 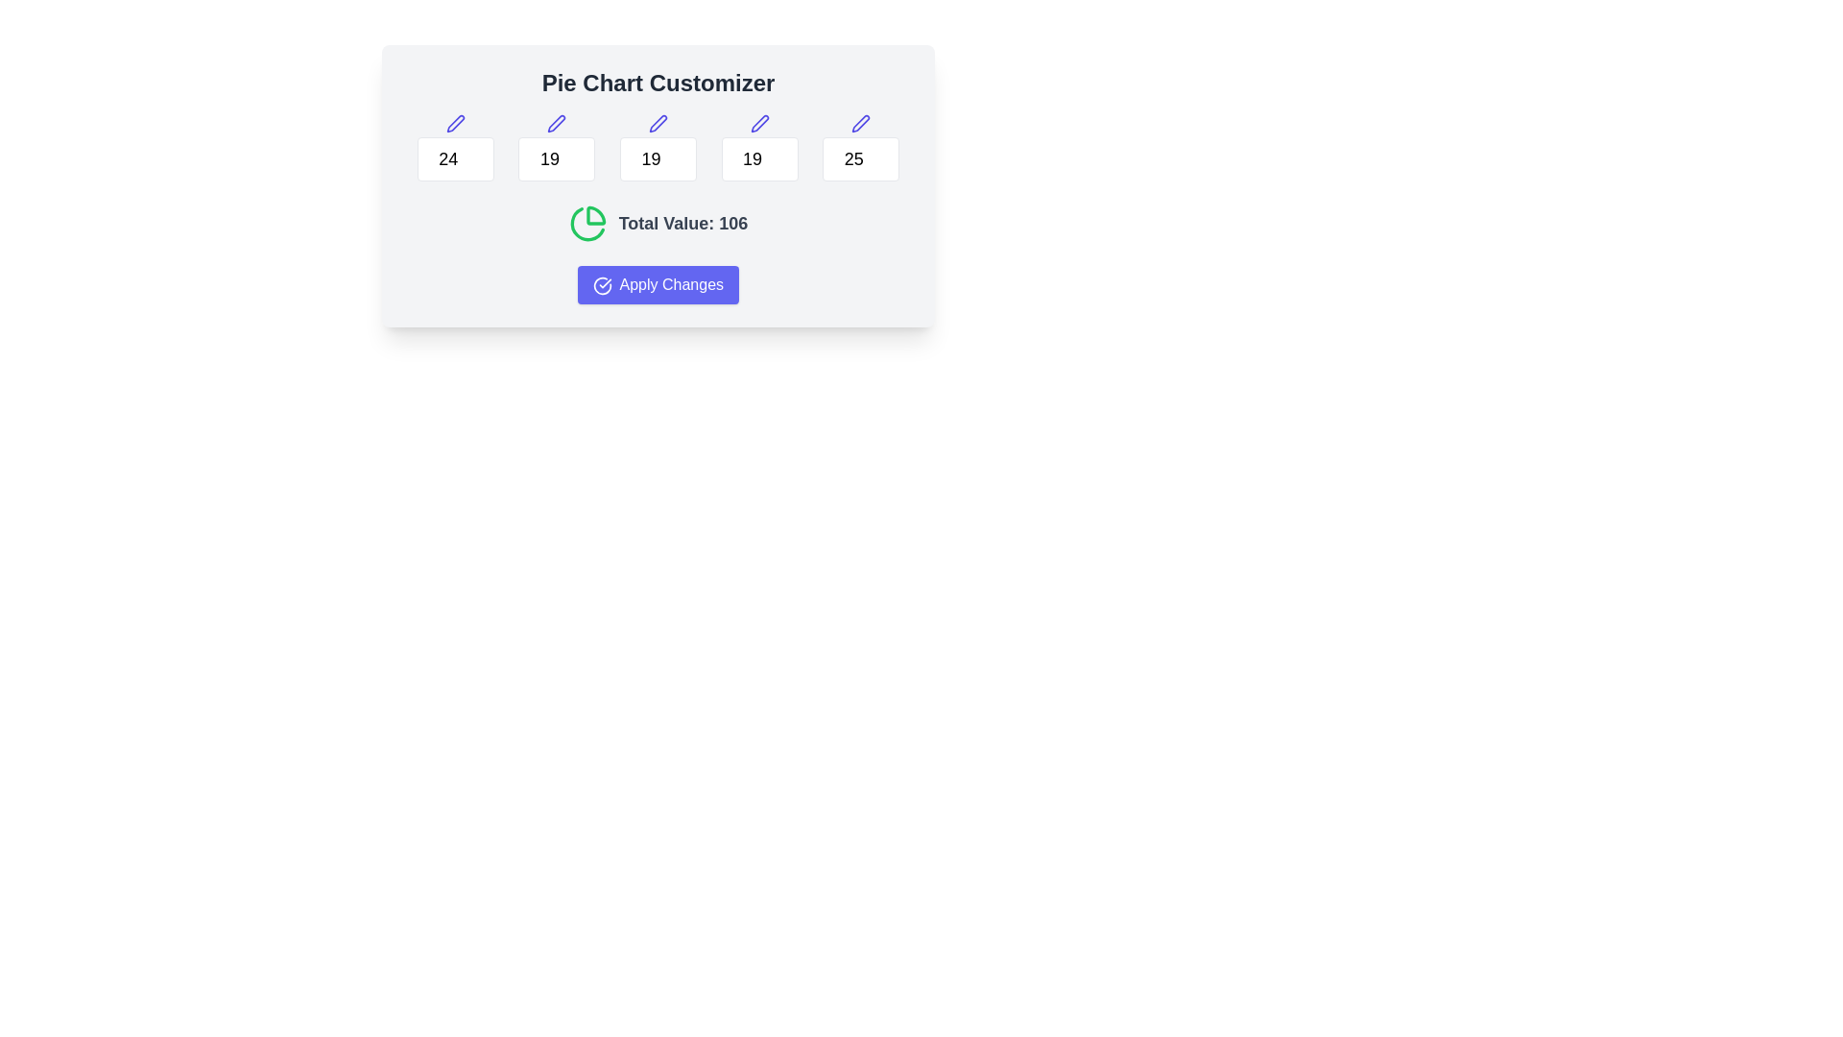 I want to click on the indigo pen icon above the input box displaying '19' in the 'Pie Chart Customizer' interface, so click(x=556, y=123).